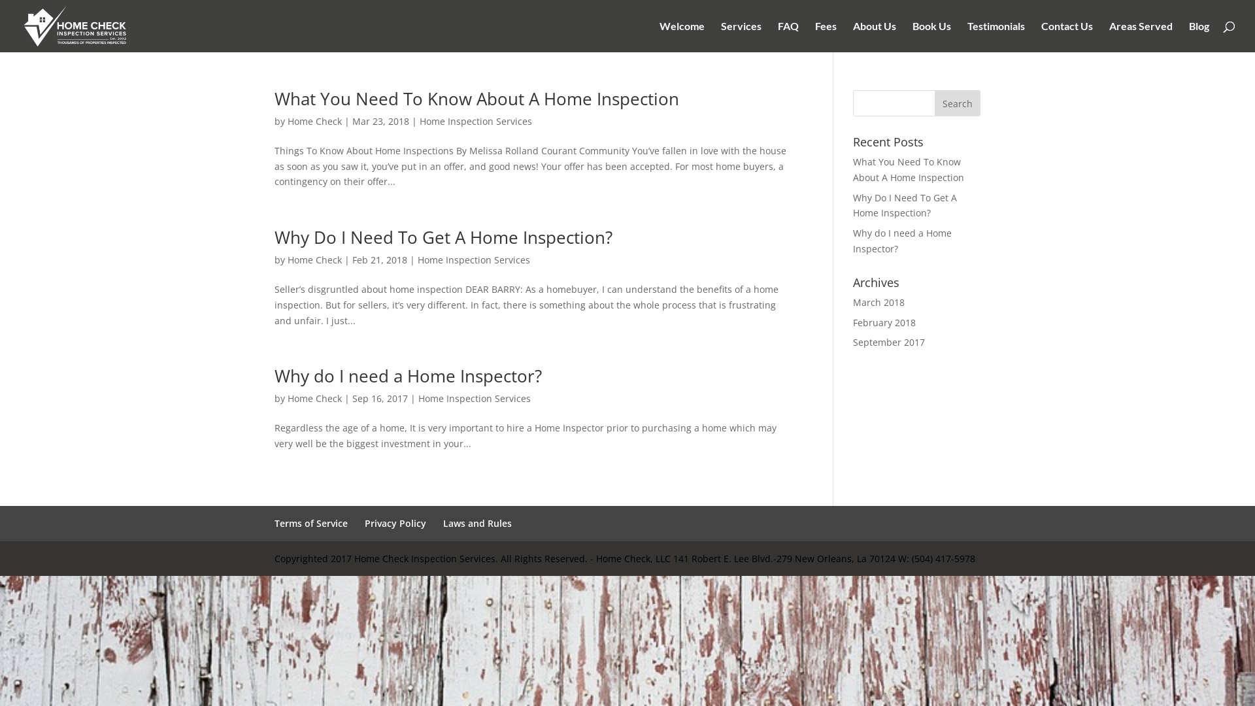 The height and width of the screenshot is (706, 1255). Describe the element at coordinates (741, 36) in the screenshot. I see `'Services'` at that location.